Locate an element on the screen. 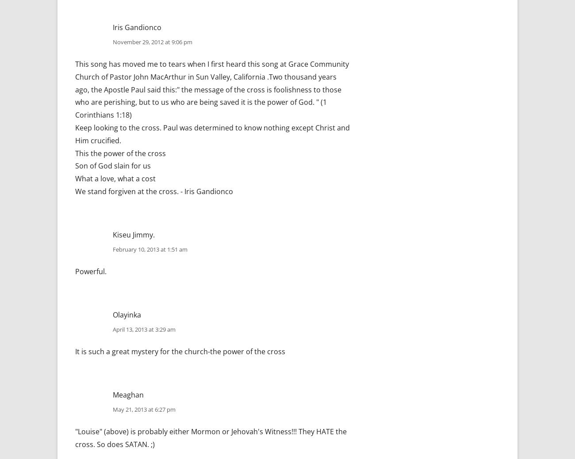 The width and height of the screenshot is (575, 459). 'We stand forgiven at the cross. - Iris Gandionco' is located at coordinates (153, 191).